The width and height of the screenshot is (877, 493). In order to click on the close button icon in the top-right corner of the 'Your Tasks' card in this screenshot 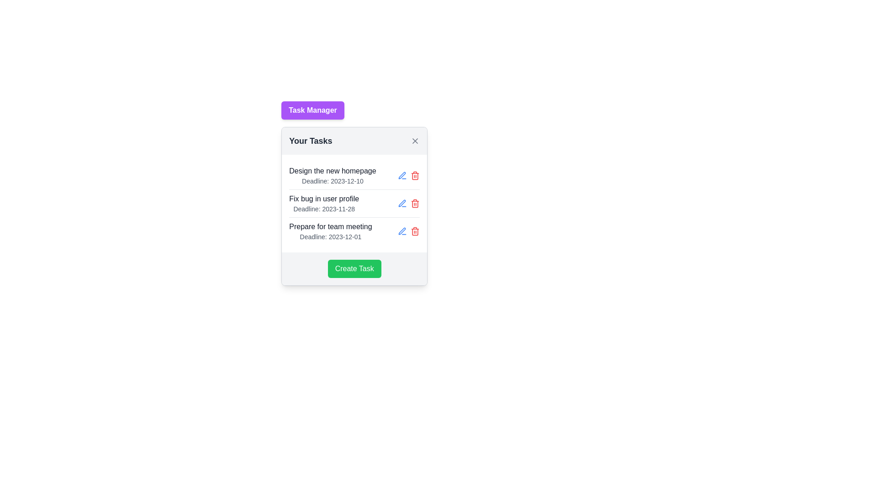, I will do `click(415, 141)`.